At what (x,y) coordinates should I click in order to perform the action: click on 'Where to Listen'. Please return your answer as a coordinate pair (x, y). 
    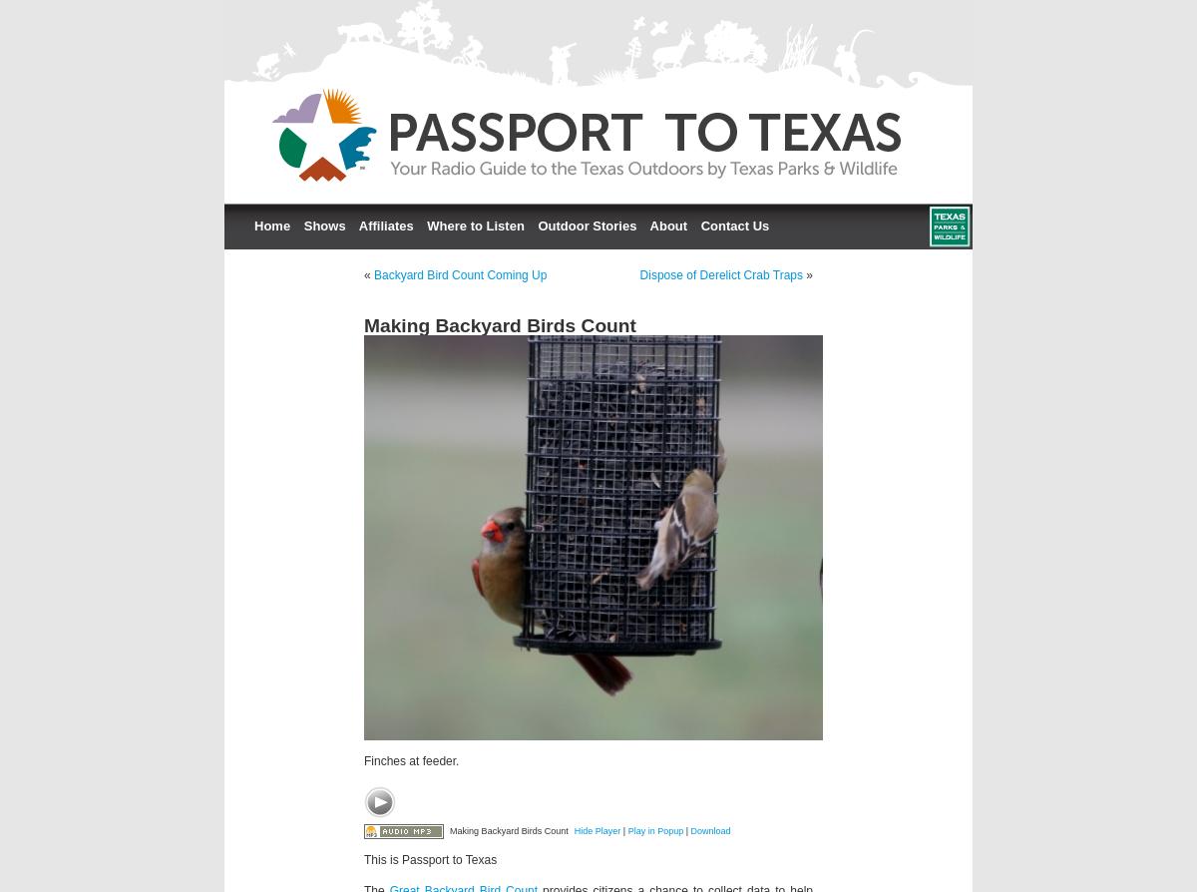
    Looking at the image, I should click on (474, 224).